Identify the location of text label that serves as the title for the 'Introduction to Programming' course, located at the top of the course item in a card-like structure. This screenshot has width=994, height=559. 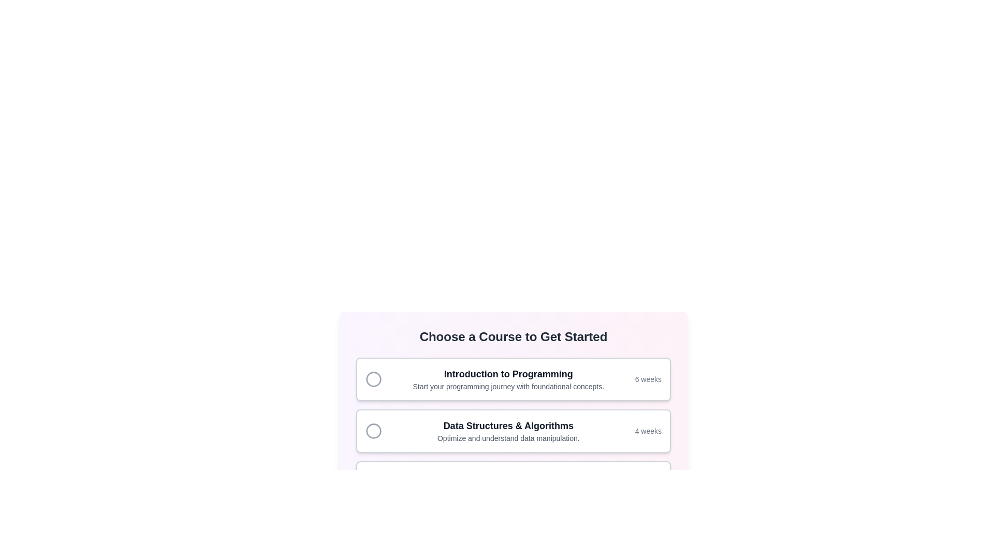
(508, 374).